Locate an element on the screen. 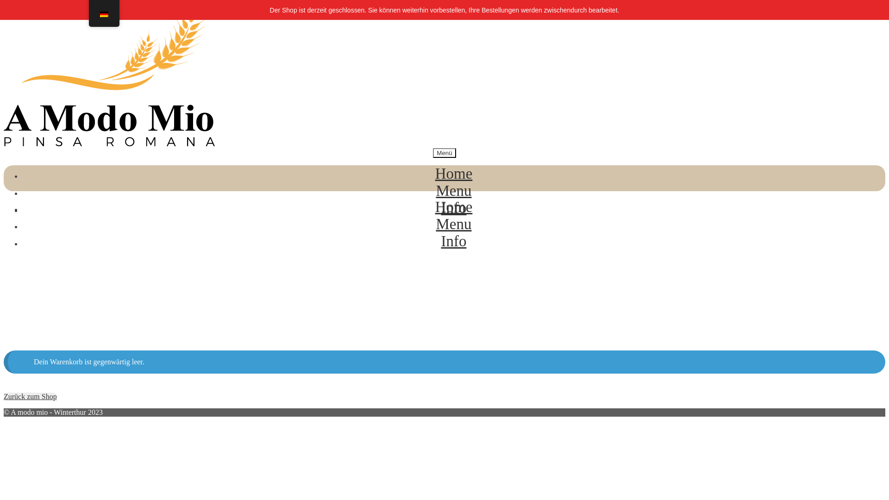 The image size is (889, 500). 'Home' is located at coordinates (454, 173).